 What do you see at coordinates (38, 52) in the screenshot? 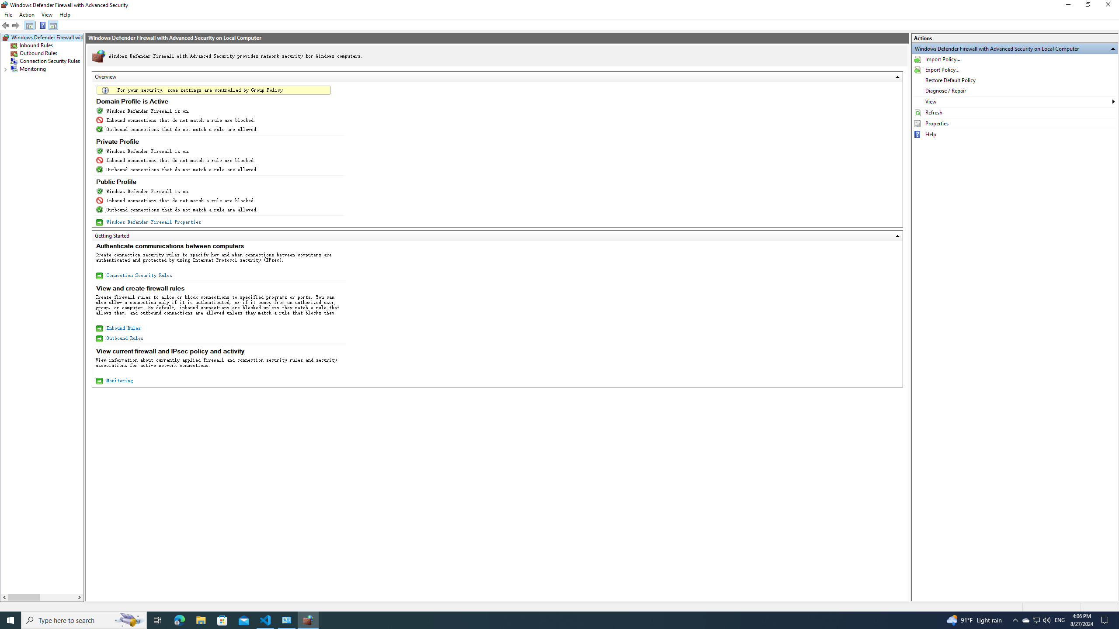
I see `'Outbound Rules'` at bounding box center [38, 52].